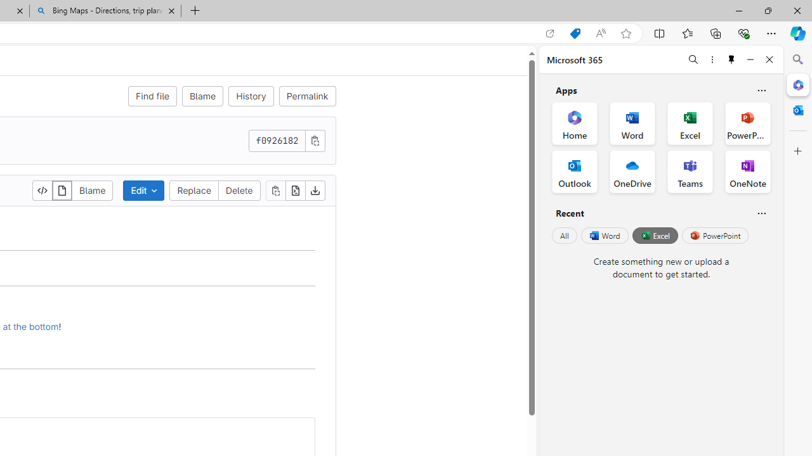 This screenshot has width=812, height=456. Describe the element at coordinates (574, 123) in the screenshot. I see `'Home Office App'` at that location.